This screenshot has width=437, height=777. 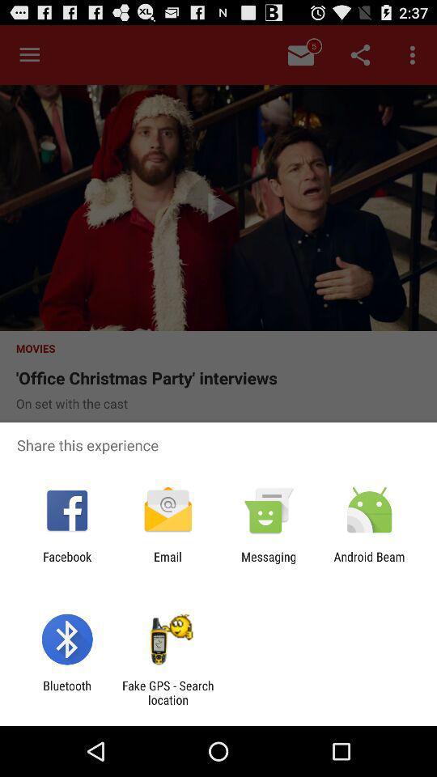 I want to click on item to the right of the messaging icon, so click(x=369, y=563).